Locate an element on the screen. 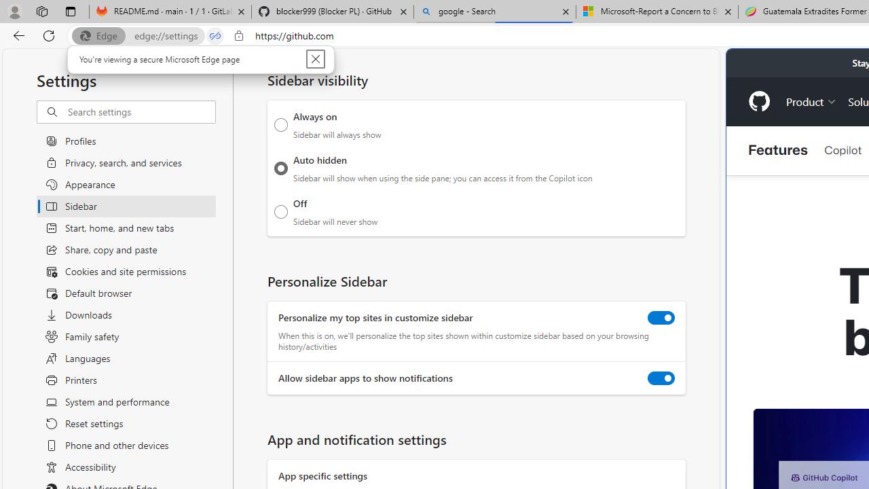 The height and width of the screenshot is (489, 869). 'Personalize my top sites in customize sidebar' is located at coordinates (661, 318).